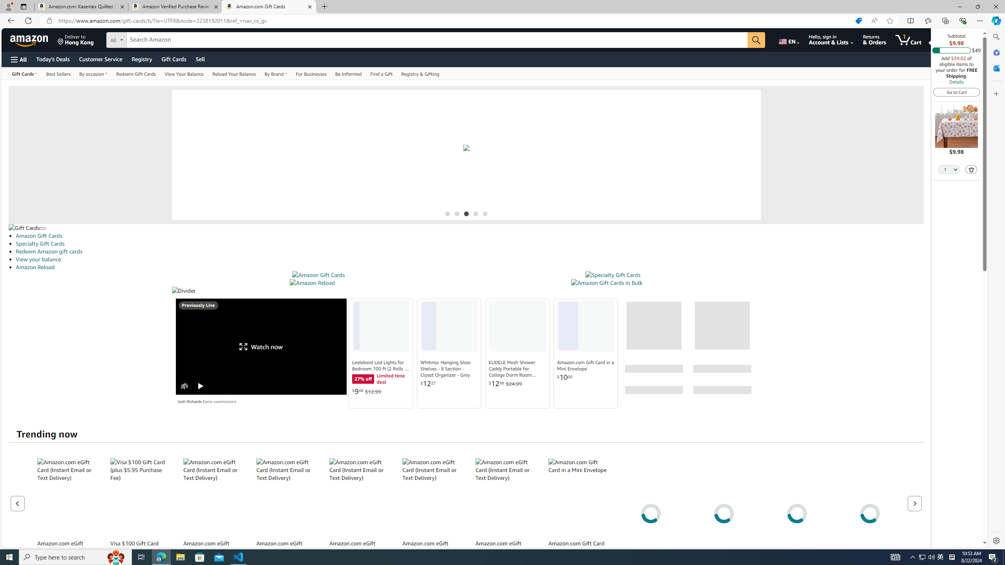 Image resolution: width=1005 pixels, height=565 pixels. What do you see at coordinates (756, 40) in the screenshot?
I see `'Go'` at bounding box center [756, 40].